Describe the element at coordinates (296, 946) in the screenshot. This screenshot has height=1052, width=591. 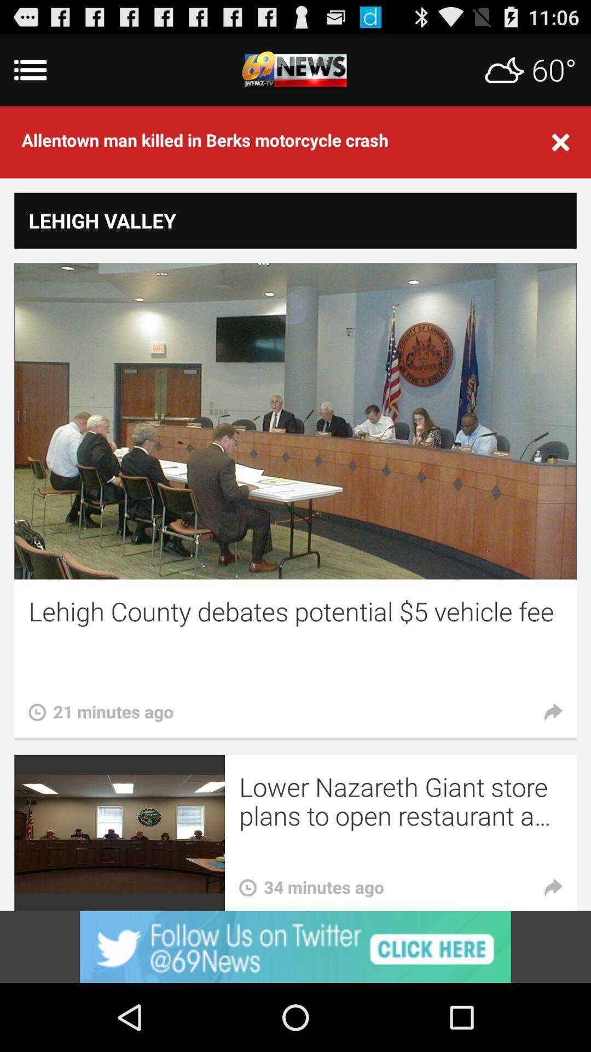
I see `click for advertisement` at that location.